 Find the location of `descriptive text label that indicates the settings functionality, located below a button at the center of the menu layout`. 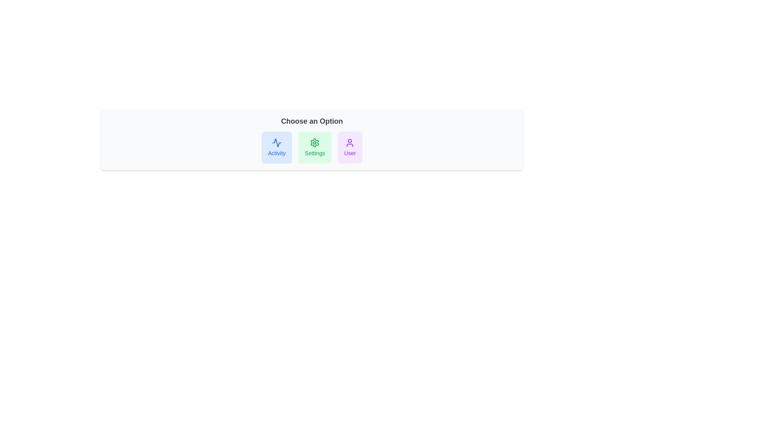

descriptive text label that indicates the settings functionality, located below a button at the center of the menu layout is located at coordinates (314, 153).